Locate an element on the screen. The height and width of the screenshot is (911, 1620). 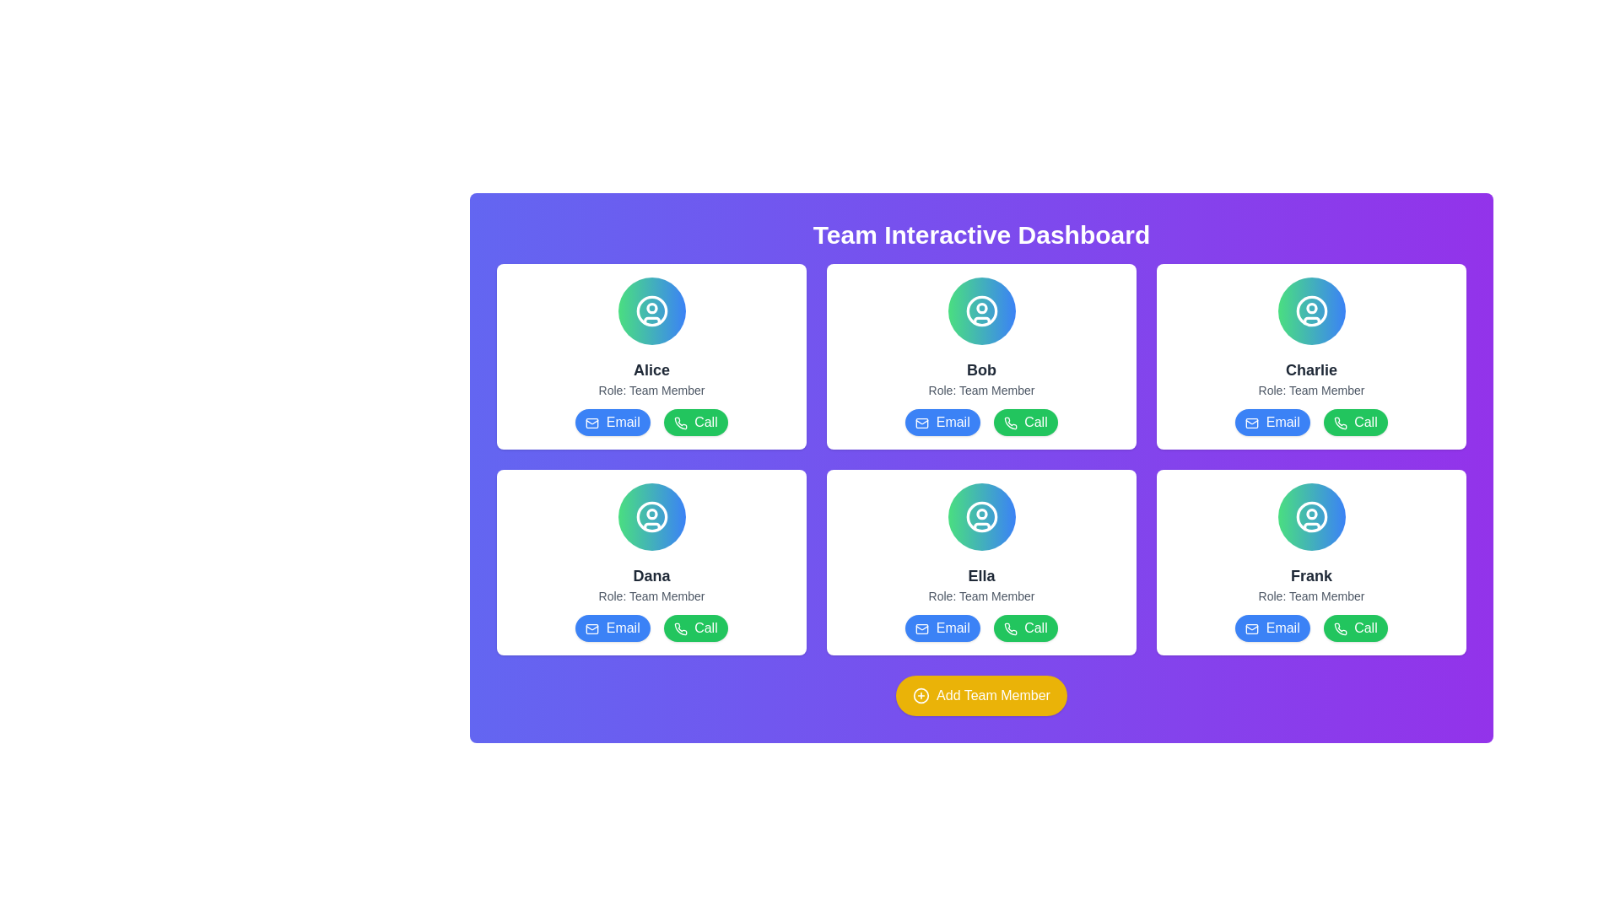
the circular gradient background icon representing the user 'Frank' in the sixth card of the interactive team dashboard is located at coordinates (1310, 516).